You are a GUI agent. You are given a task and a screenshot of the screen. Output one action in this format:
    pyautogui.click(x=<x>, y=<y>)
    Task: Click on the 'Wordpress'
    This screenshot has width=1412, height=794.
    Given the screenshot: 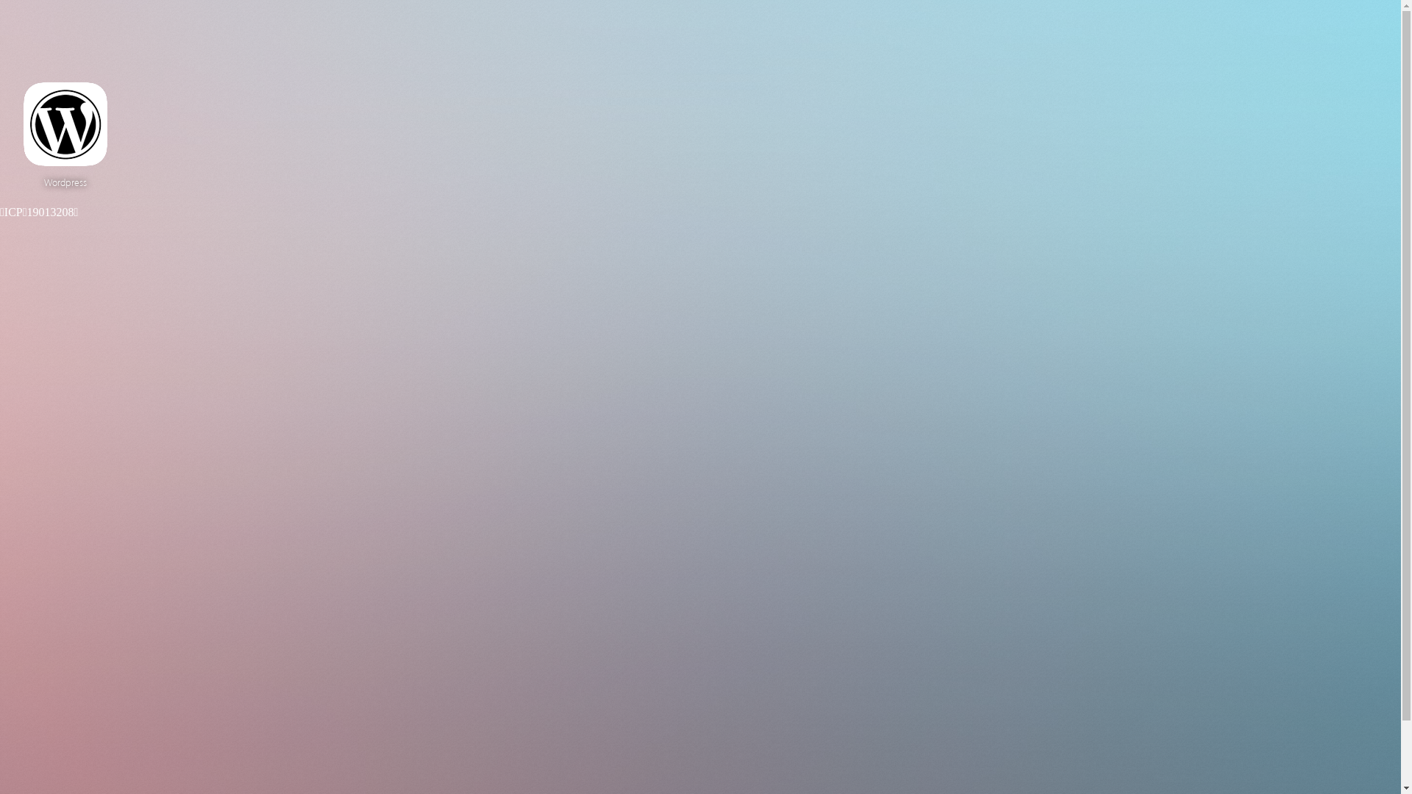 What is the action you would take?
    pyautogui.click(x=65, y=136)
    